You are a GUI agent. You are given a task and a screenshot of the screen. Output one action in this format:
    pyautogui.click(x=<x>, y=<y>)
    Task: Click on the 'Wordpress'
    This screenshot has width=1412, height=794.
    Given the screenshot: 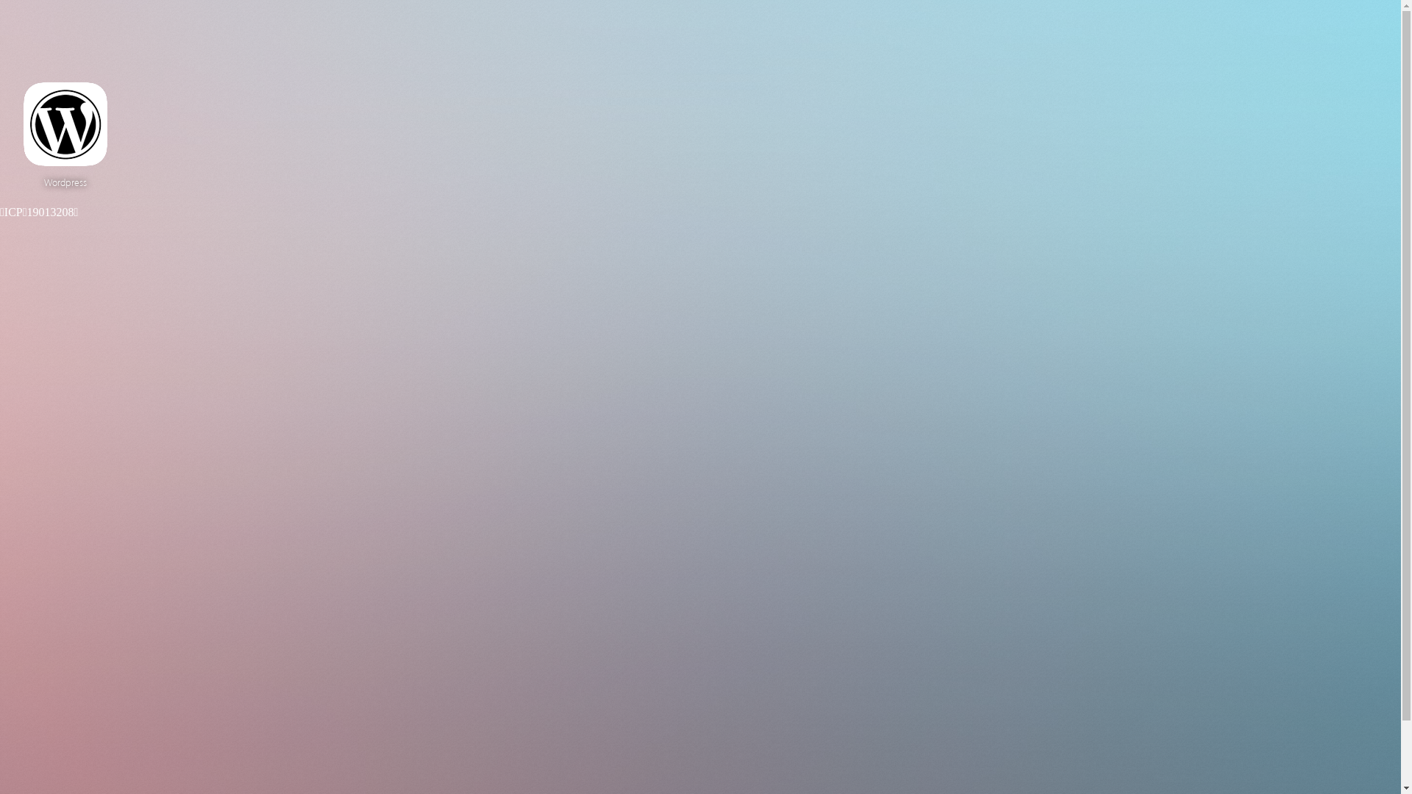 What is the action you would take?
    pyautogui.click(x=65, y=136)
    